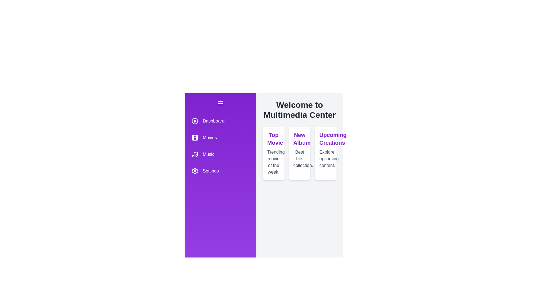 This screenshot has height=300, width=534. I want to click on the menu item Music to observe the hover effect, so click(220, 154).